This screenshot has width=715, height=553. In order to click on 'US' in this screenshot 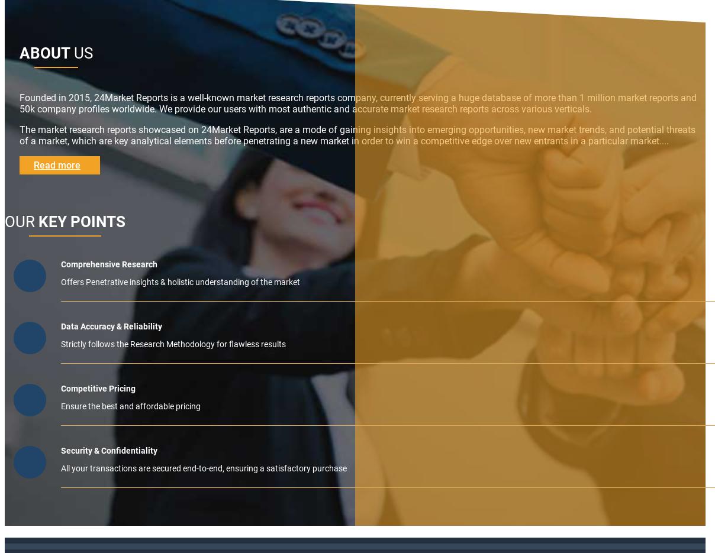, I will do `click(69, 53)`.